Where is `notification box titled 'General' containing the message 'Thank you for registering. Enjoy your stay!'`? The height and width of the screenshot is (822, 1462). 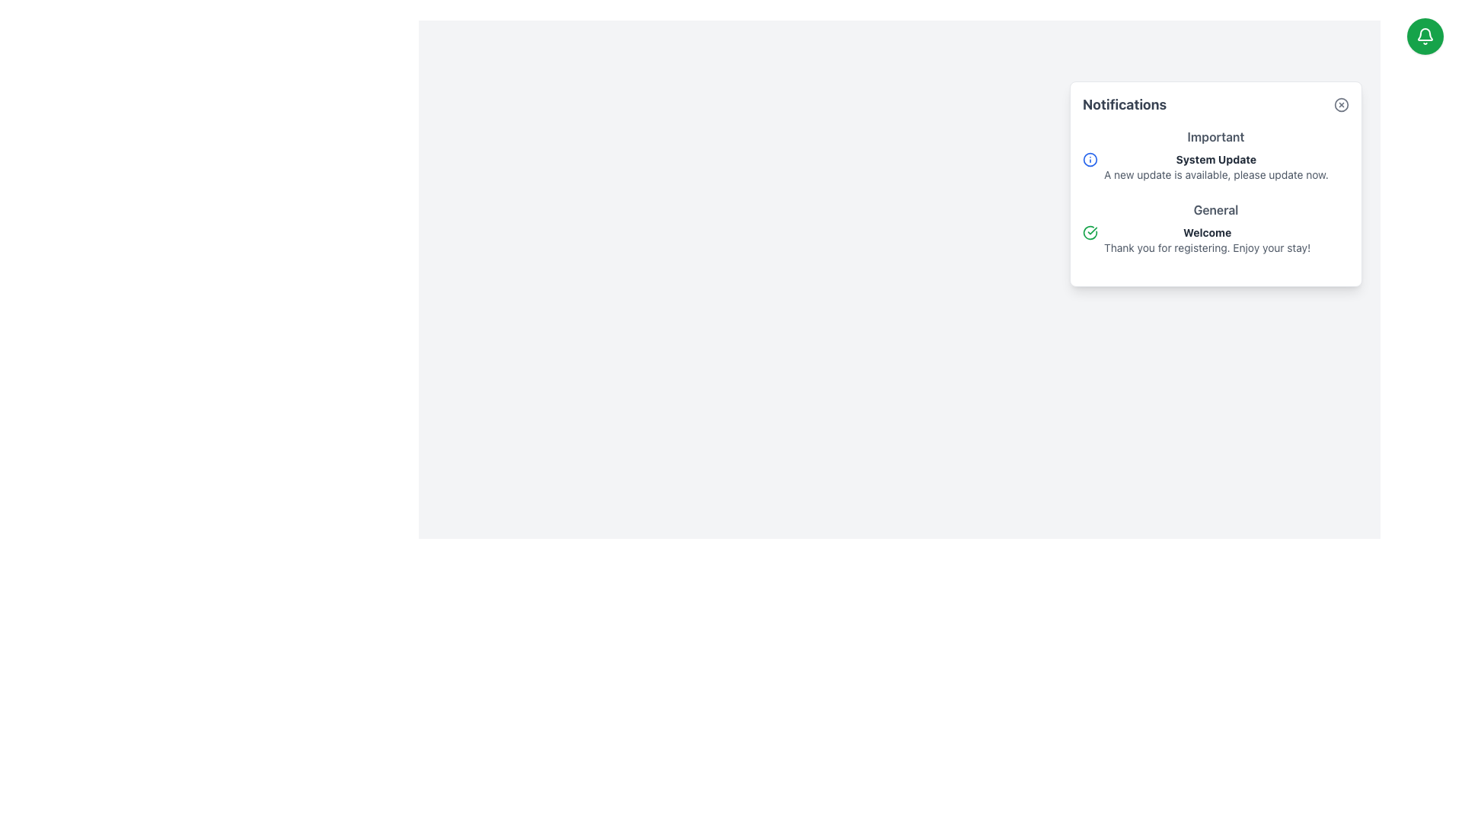 notification box titled 'General' containing the message 'Thank you for registering. Enjoy your stay!' is located at coordinates (1215, 231).